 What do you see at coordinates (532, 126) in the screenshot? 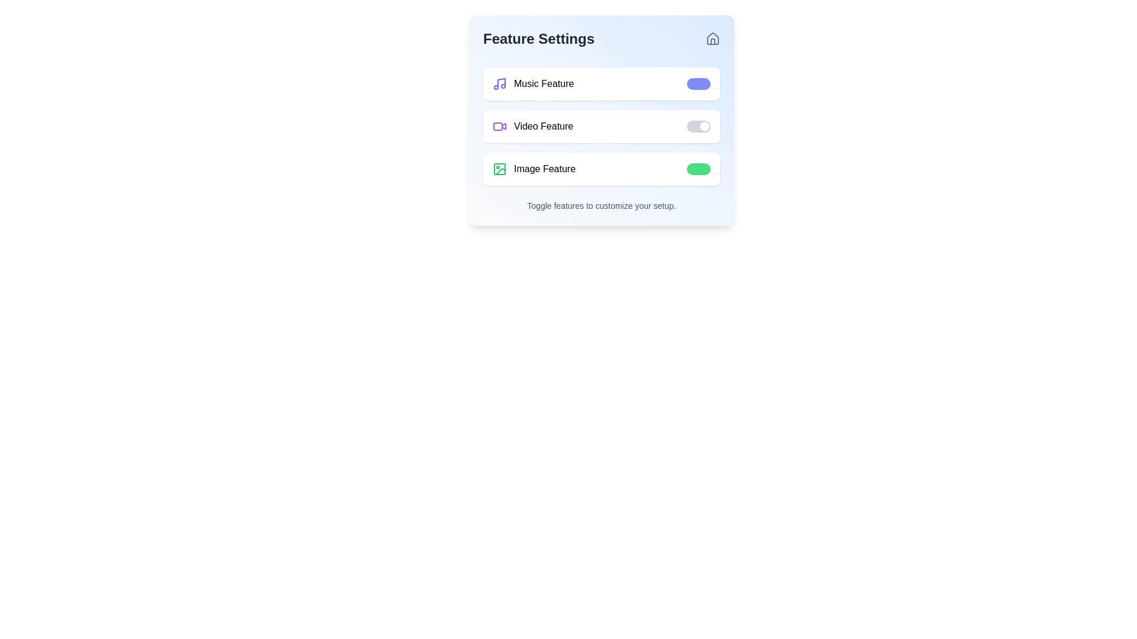
I see `the 'Video Feature' label located in the middle of a vertically-arranged list within the 'Feature Settings' card, positioned to the left of a toggle switch` at bounding box center [532, 126].